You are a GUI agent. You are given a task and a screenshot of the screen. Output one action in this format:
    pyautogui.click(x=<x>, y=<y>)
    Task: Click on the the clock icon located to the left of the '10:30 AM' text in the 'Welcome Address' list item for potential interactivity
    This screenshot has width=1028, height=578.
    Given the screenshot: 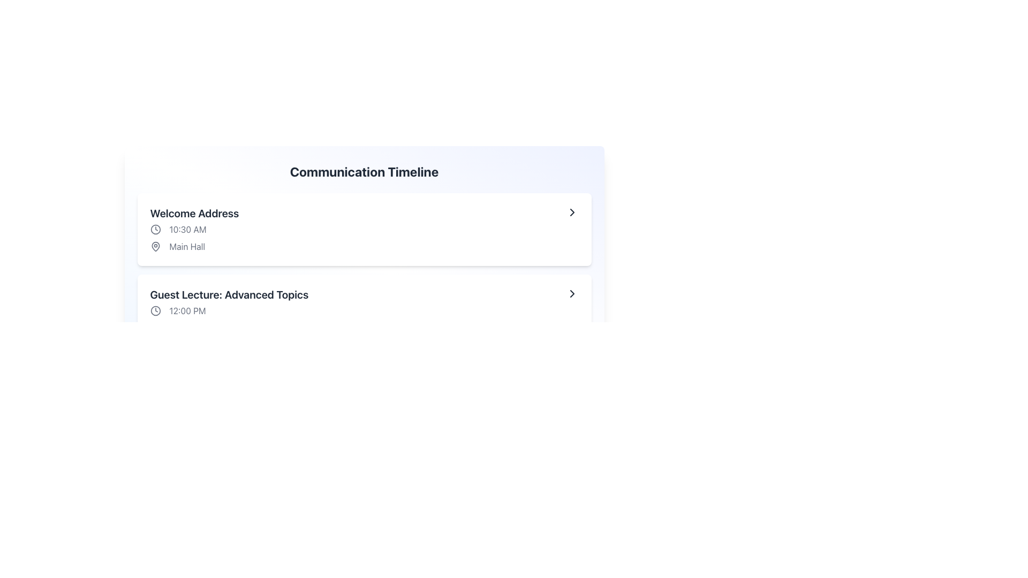 What is the action you would take?
    pyautogui.click(x=155, y=229)
    